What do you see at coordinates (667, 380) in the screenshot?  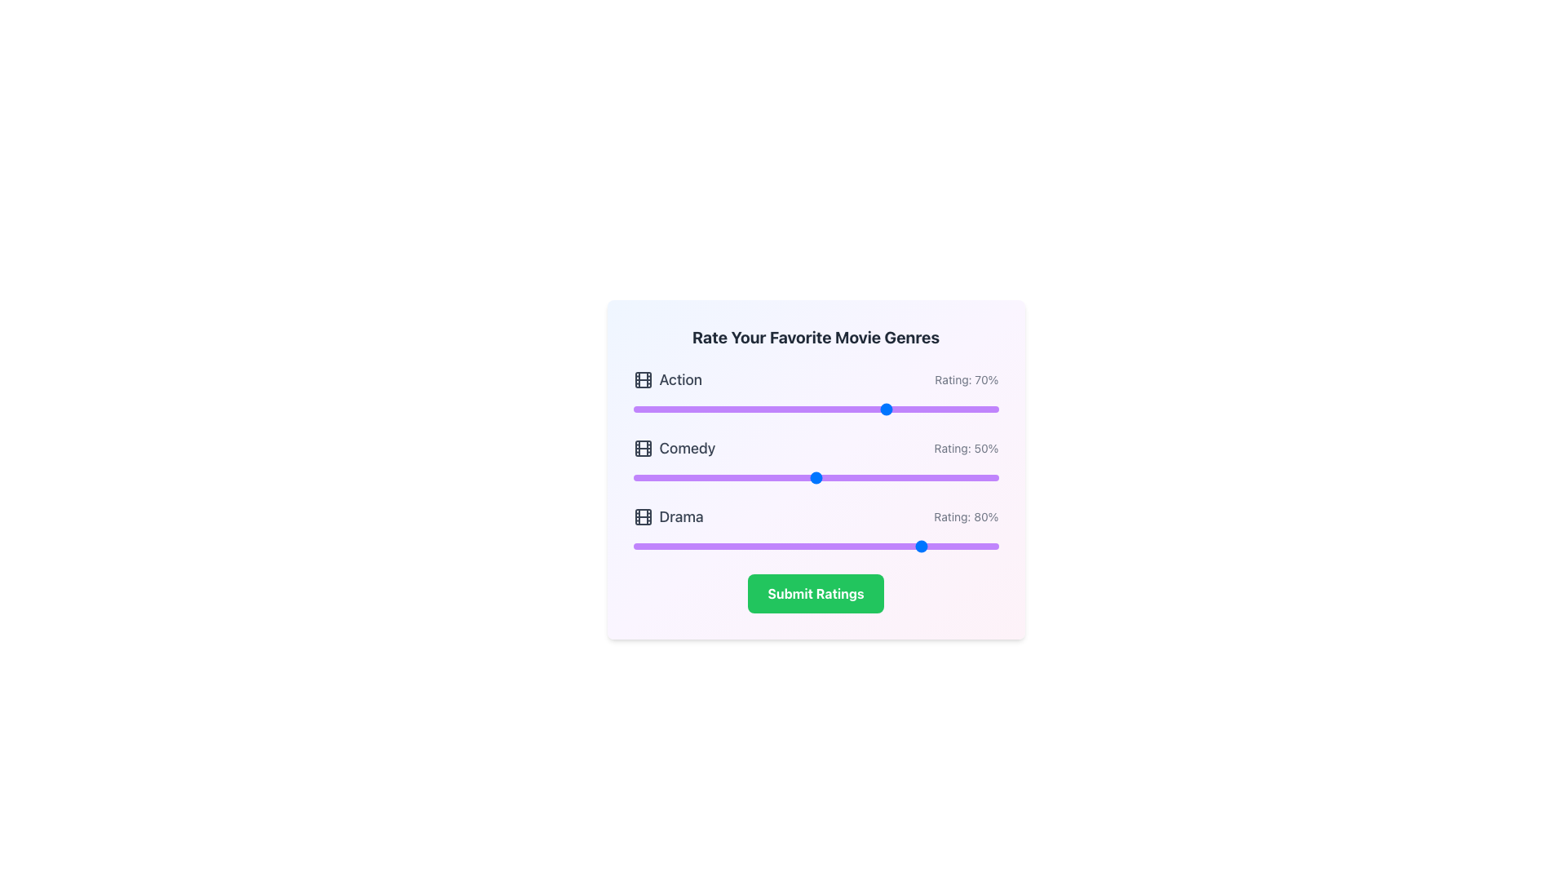 I see `the bold text label 'Action' located next to the film reel icon in the 'Rate Your Favorite Movie Genres' section` at bounding box center [667, 380].